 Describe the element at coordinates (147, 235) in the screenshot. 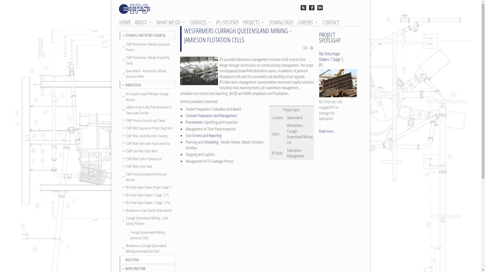

I see `'Curragh Queensland Mining - Jamieson Cells'` at that location.